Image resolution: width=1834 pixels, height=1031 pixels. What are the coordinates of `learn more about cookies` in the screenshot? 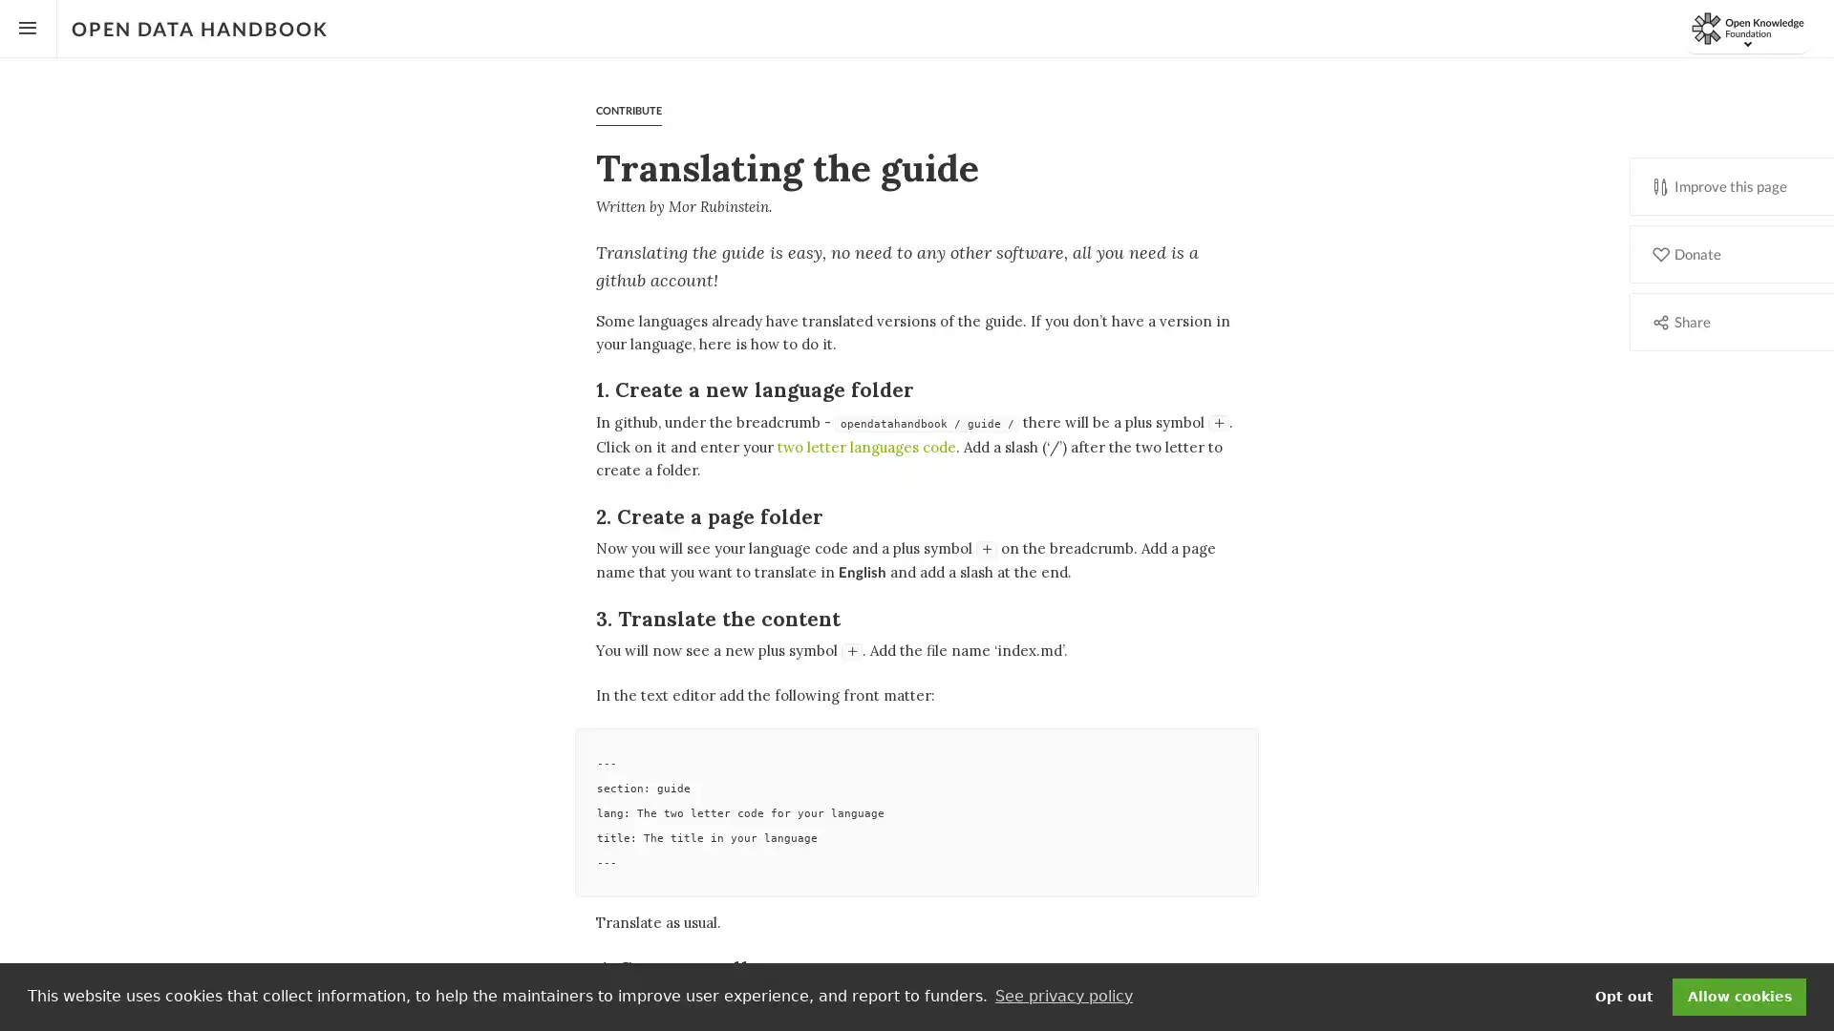 It's located at (1062, 996).